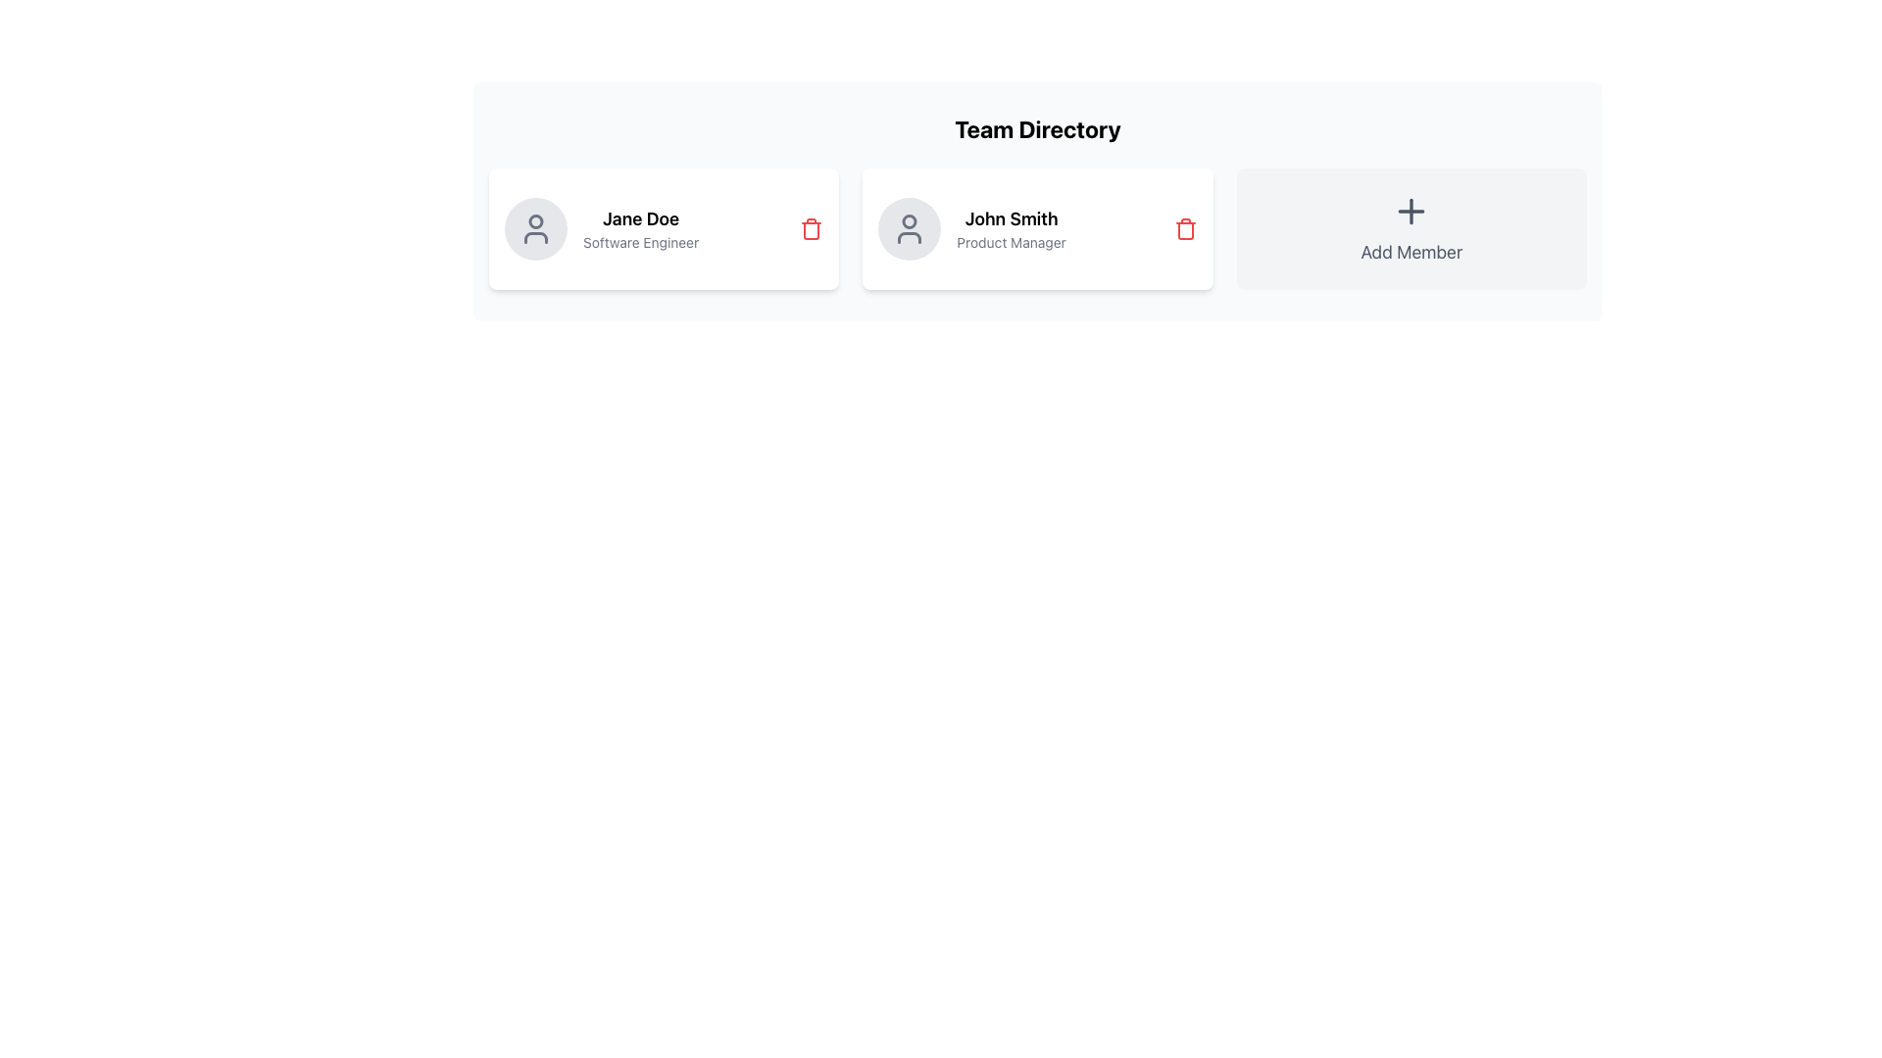 The image size is (1882, 1058). What do you see at coordinates (909, 237) in the screenshot?
I see `the oval-like shape of the user profile icon within the 'John Smith Product Manager' card in the 'Team Directory' section` at bounding box center [909, 237].